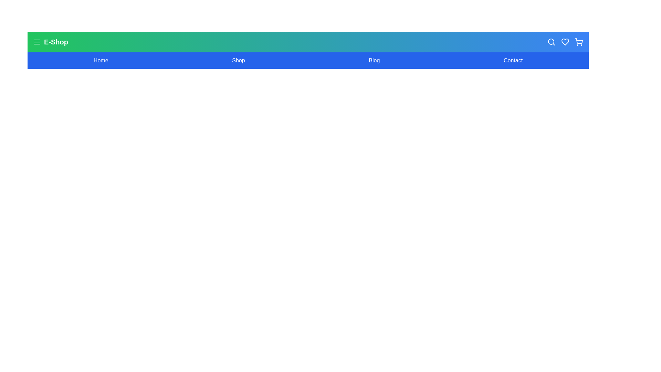 This screenshot has width=661, height=372. Describe the element at coordinates (100, 60) in the screenshot. I see `the navigation link Home` at that location.